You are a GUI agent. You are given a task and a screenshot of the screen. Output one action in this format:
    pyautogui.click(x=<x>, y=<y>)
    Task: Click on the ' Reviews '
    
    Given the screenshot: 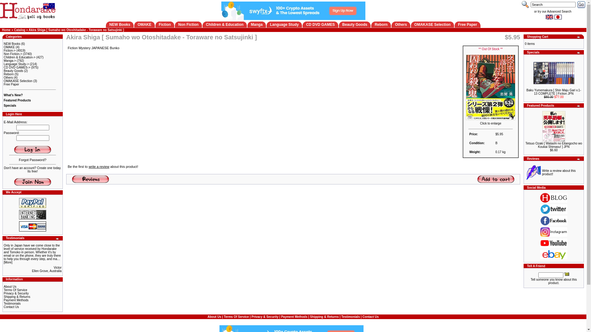 What is the action you would take?
    pyautogui.click(x=90, y=179)
    